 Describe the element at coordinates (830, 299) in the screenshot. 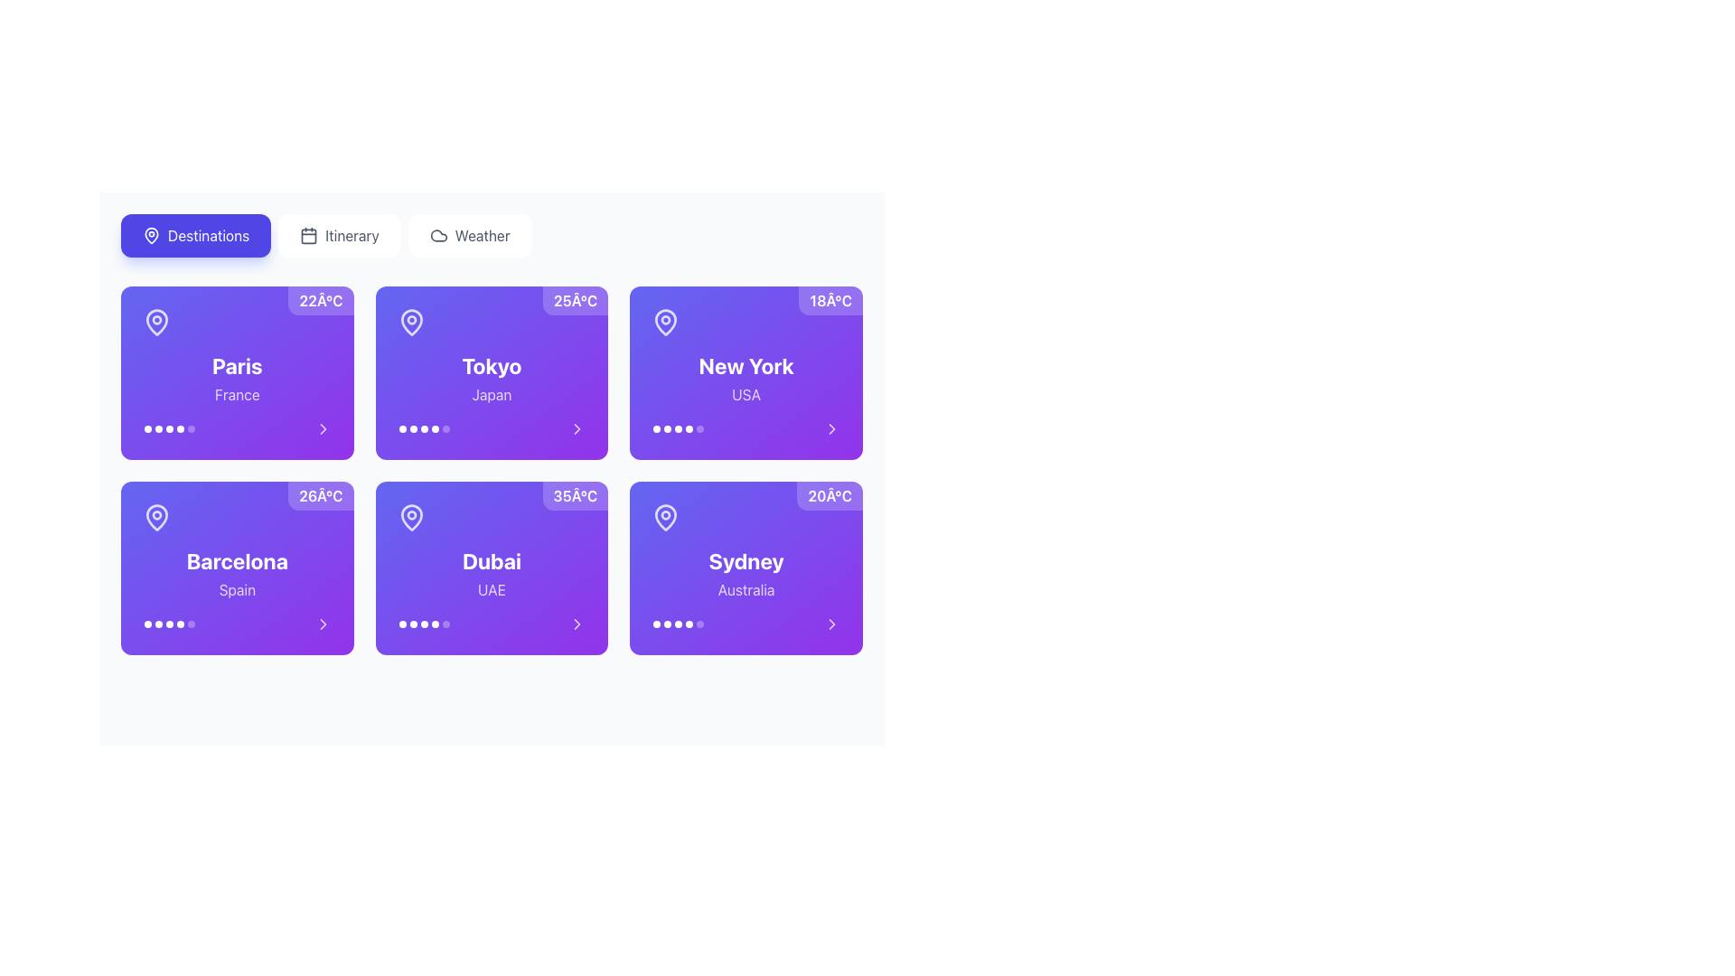

I see `the temperature label located at the top-right corner of the 'New York' card, which is part of a grid layout of destination cards` at that location.